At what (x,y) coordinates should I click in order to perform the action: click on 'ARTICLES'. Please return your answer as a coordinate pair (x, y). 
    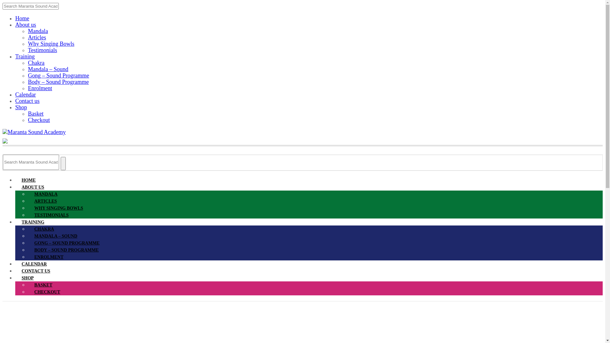
    Looking at the image, I should click on (45, 201).